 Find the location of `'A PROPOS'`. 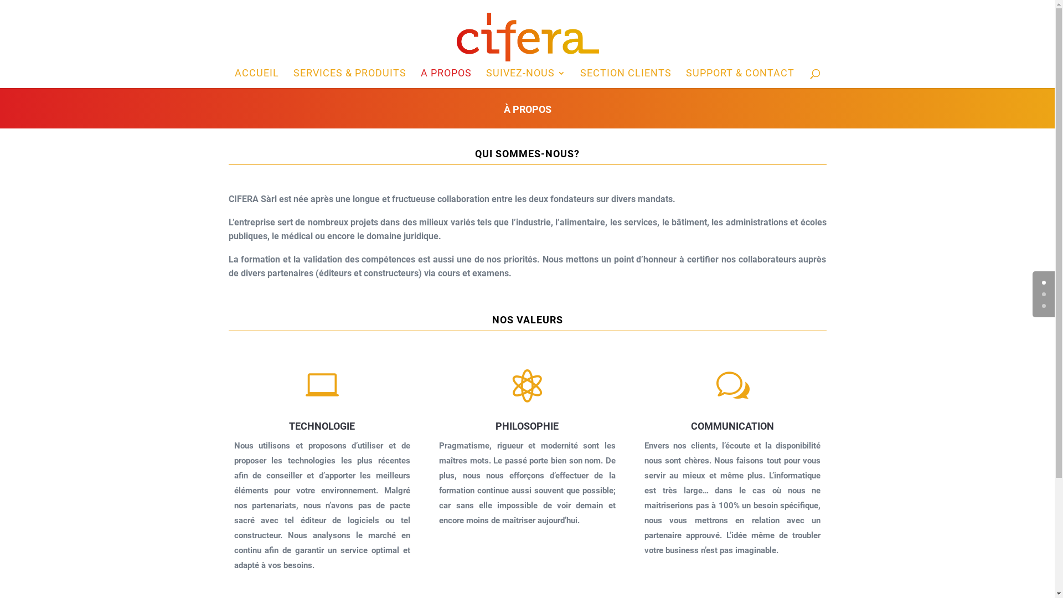

'A PROPOS' is located at coordinates (420, 78).